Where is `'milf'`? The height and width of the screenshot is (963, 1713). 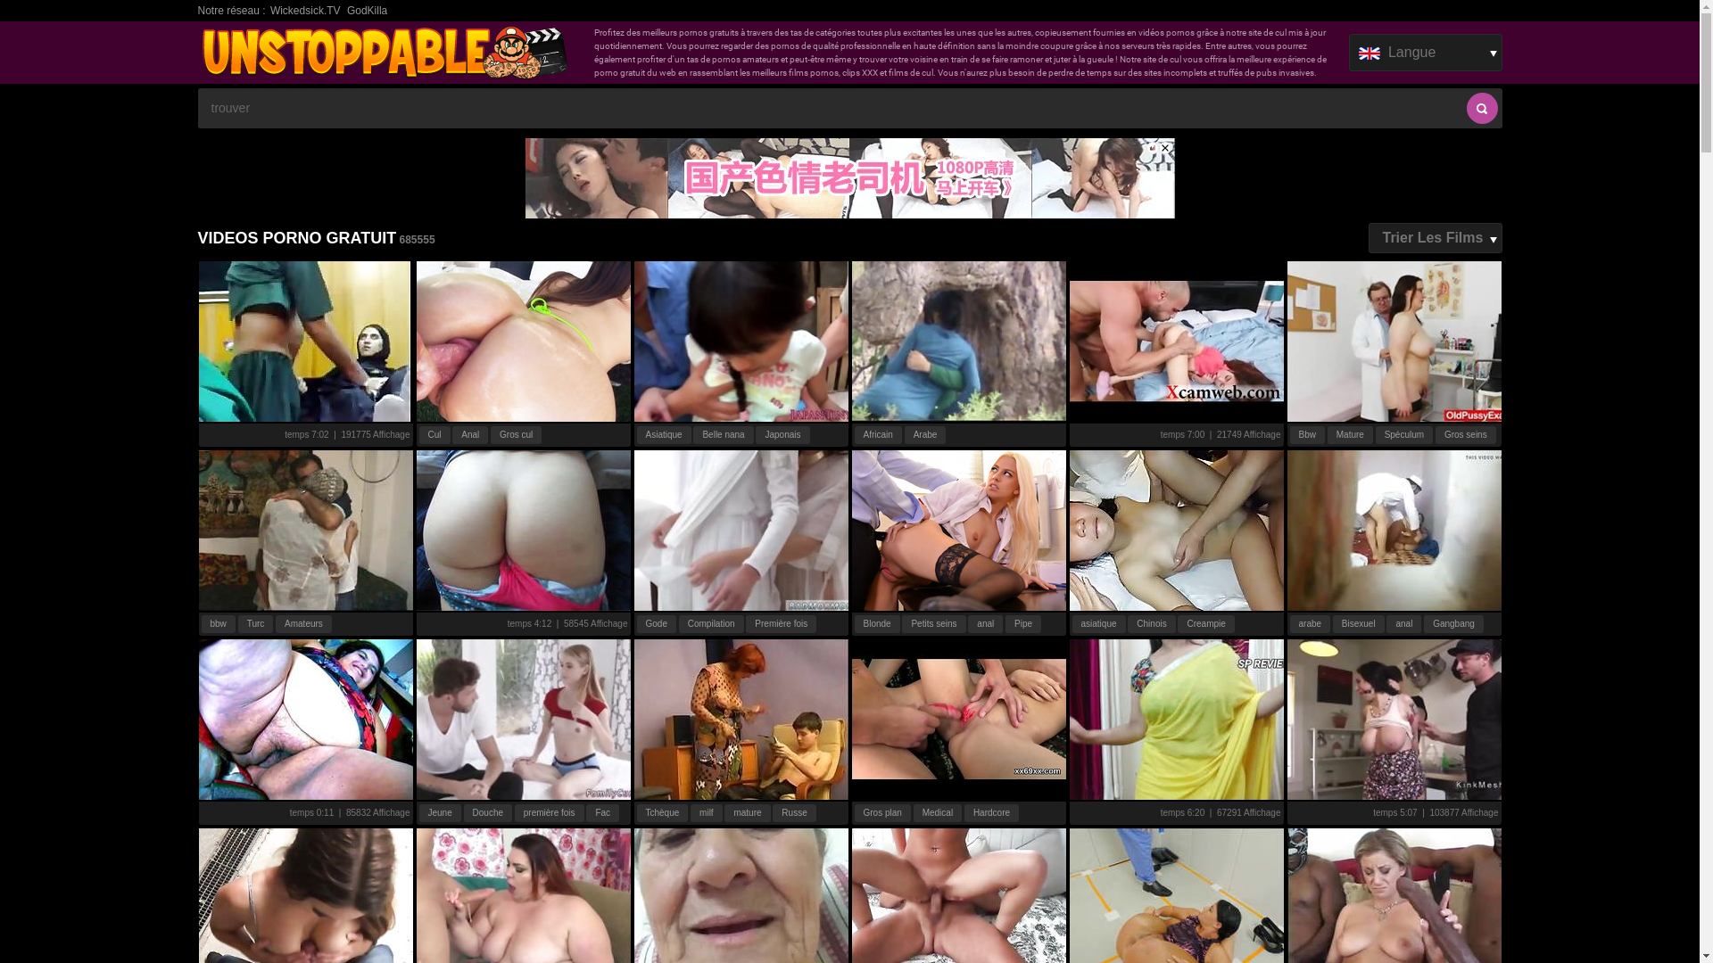 'milf' is located at coordinates (706, 812).